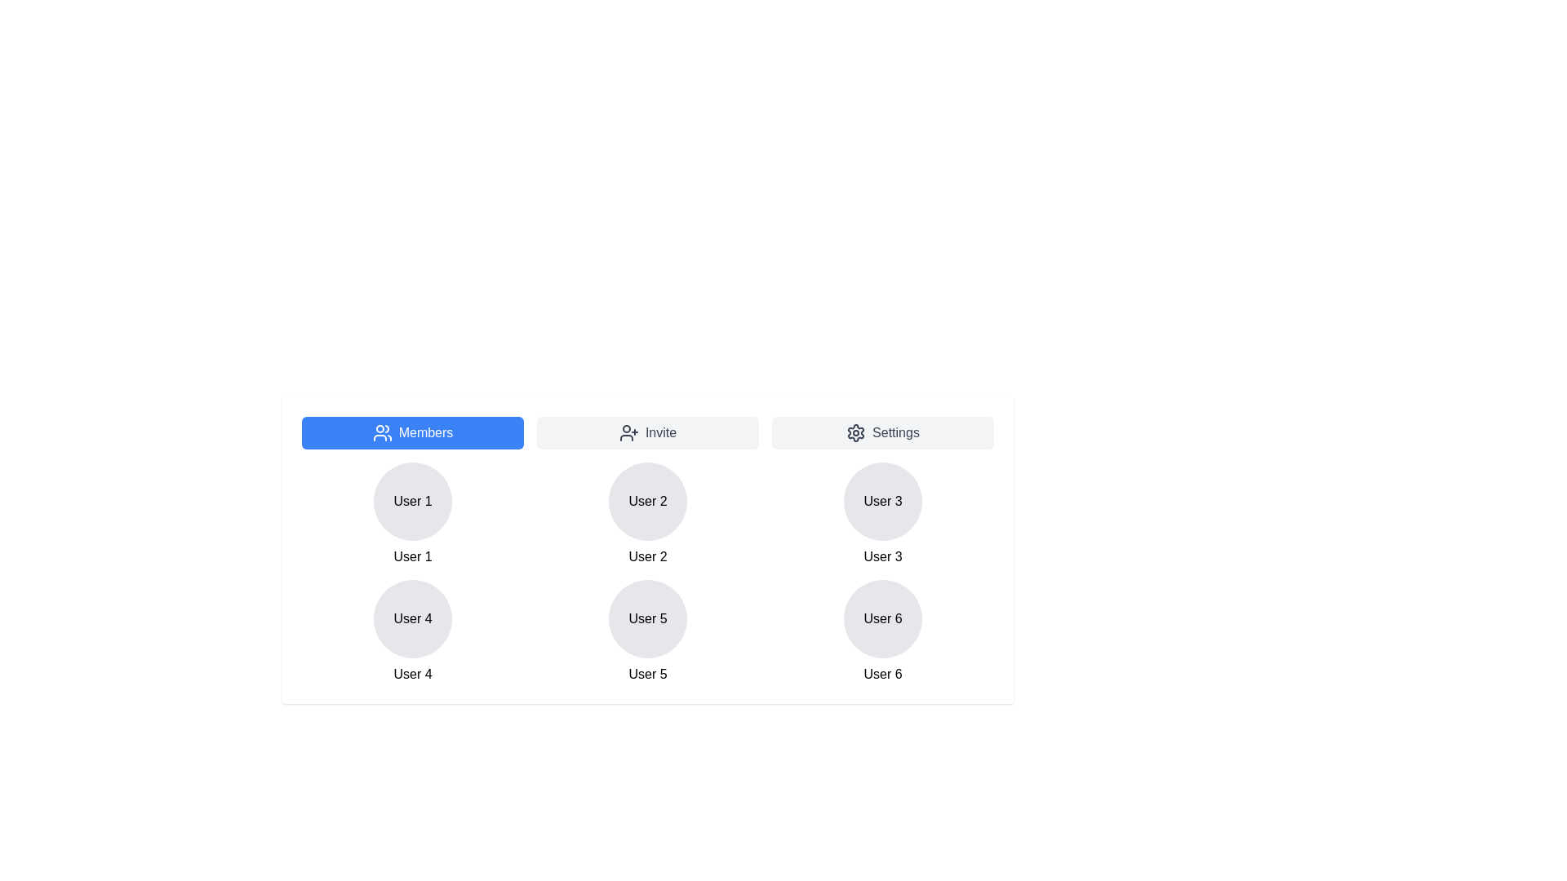 Image resolution: width=1567 pixels, height=881 pixels. Describe the element at coordinates (412, 674) in the screenshot. I see `the 'User 4' text label located below the circular icon` at that location.